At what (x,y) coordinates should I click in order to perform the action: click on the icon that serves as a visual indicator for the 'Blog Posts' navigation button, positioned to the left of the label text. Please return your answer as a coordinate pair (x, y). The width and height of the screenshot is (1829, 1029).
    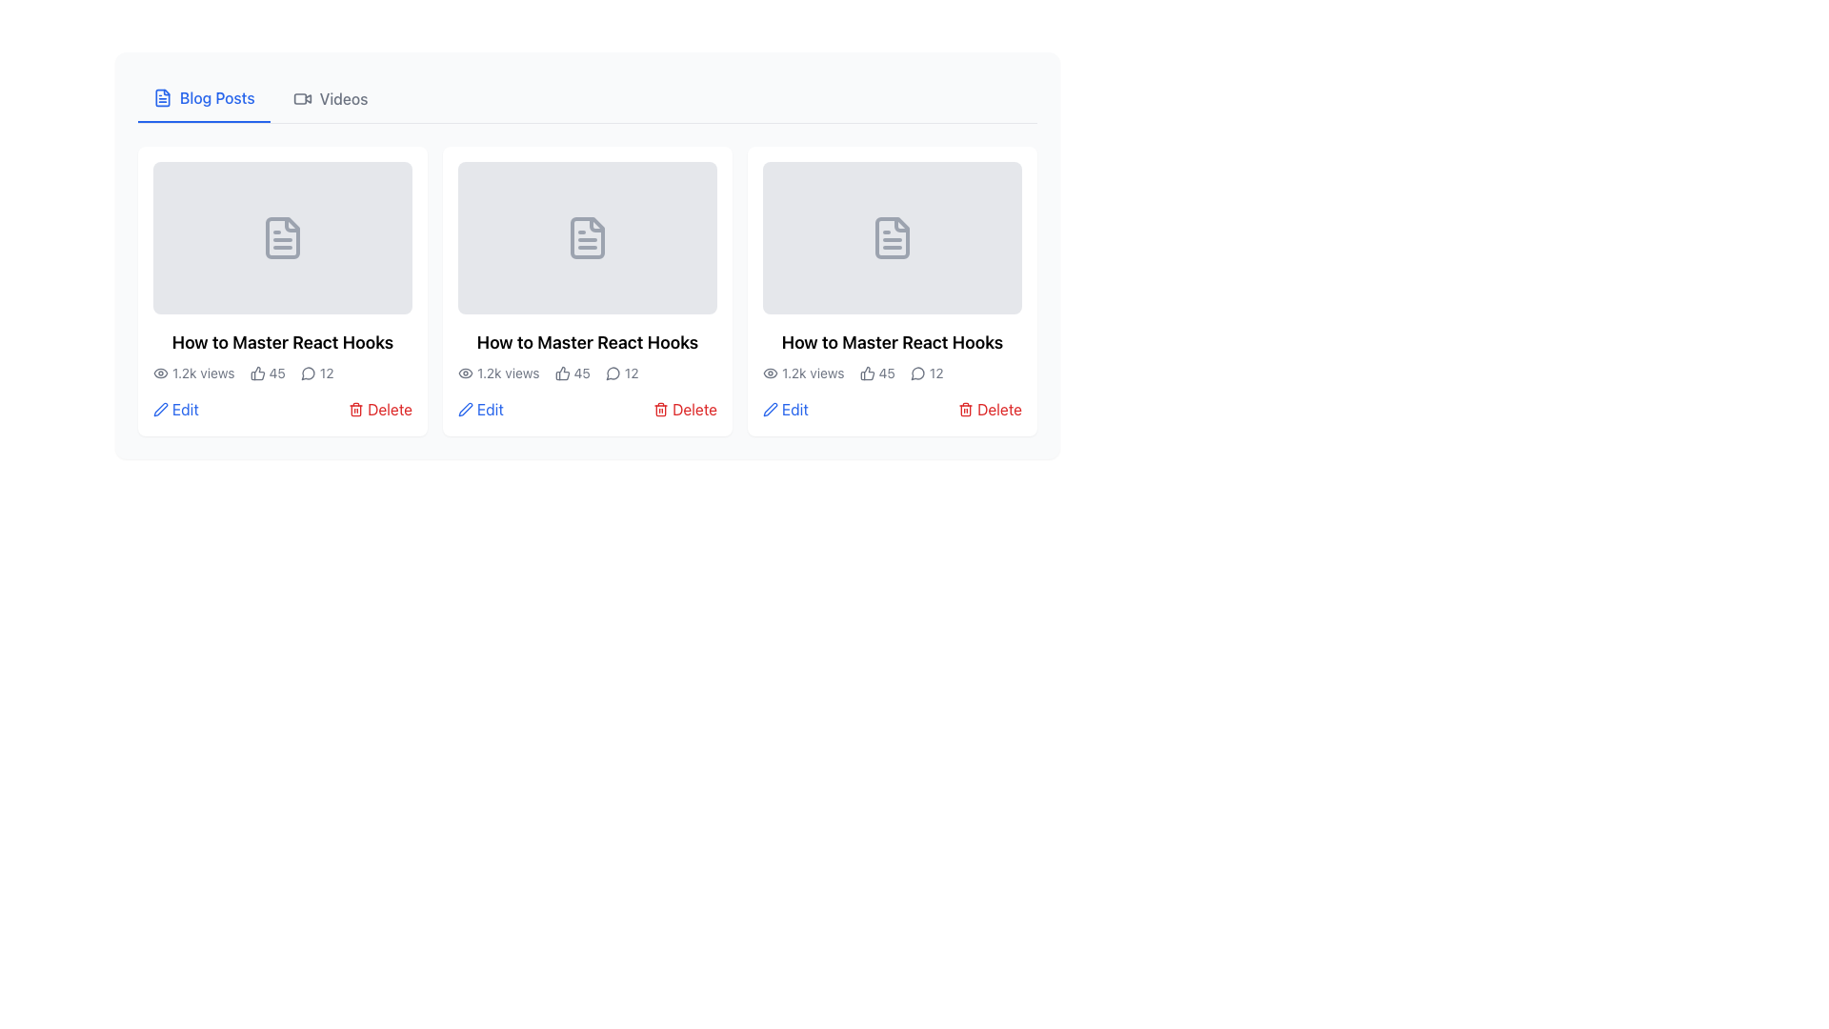
    Looking at the image, I should click on (163, 98).